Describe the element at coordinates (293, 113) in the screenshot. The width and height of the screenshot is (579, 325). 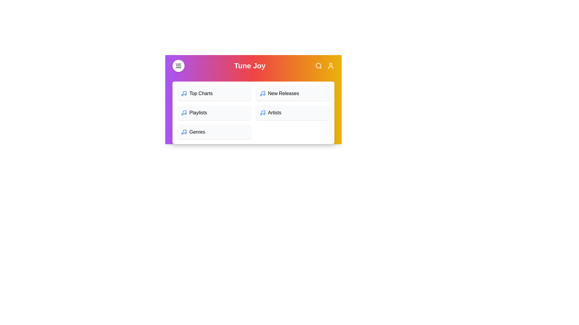
I see `the menu item Artists to navigate` at that location.